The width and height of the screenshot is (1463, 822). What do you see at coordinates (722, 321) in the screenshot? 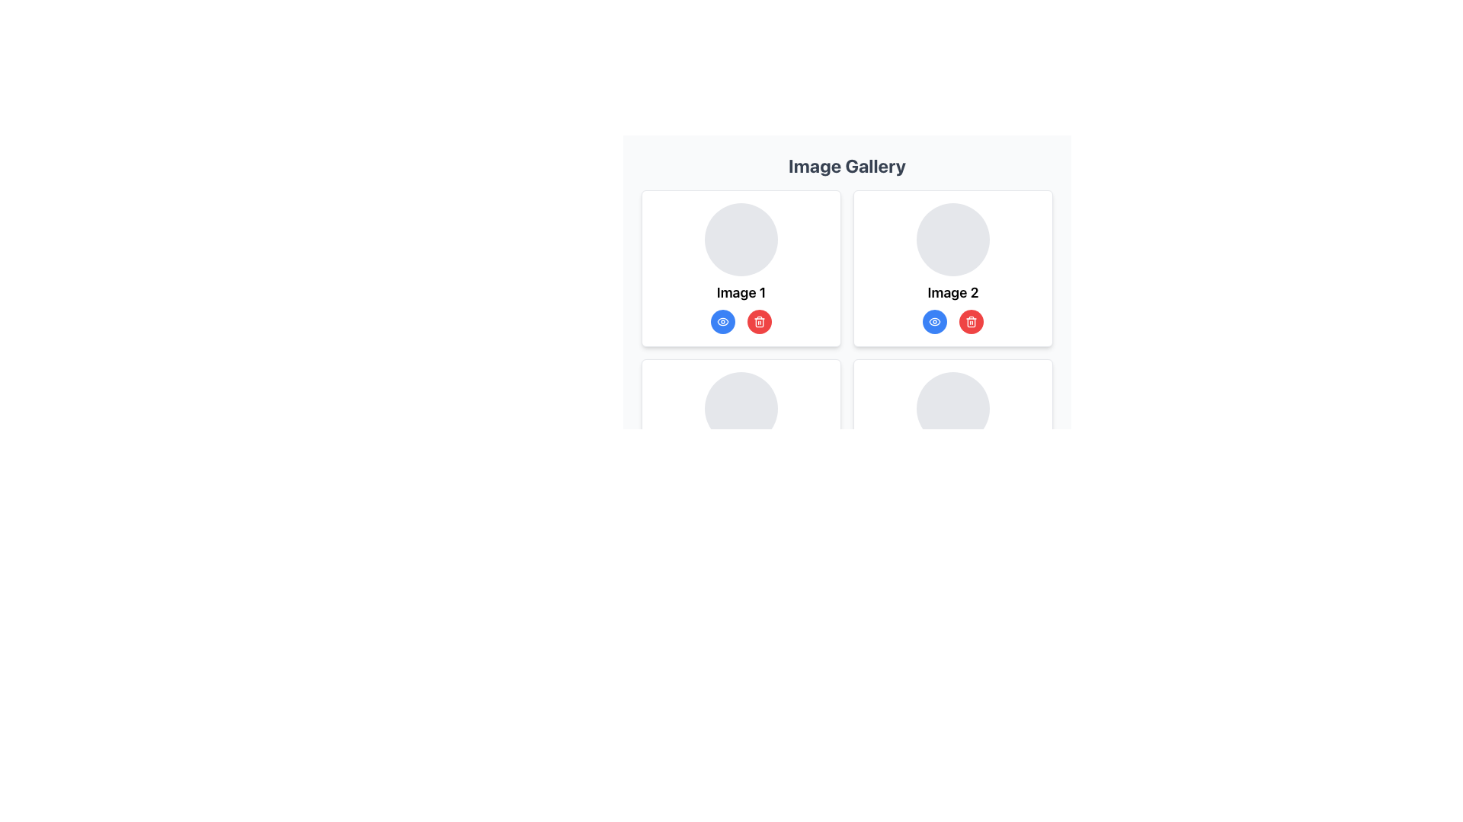
I see `the circular blue button with a white eye icon located underneath 'Image 1'` at bounding box center [722, 321].